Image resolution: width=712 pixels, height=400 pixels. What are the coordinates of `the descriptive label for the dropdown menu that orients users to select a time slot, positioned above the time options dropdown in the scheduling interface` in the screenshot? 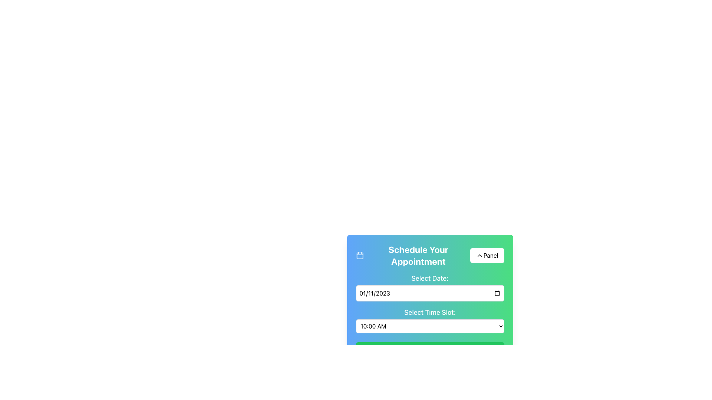 It's located at (430, 313).